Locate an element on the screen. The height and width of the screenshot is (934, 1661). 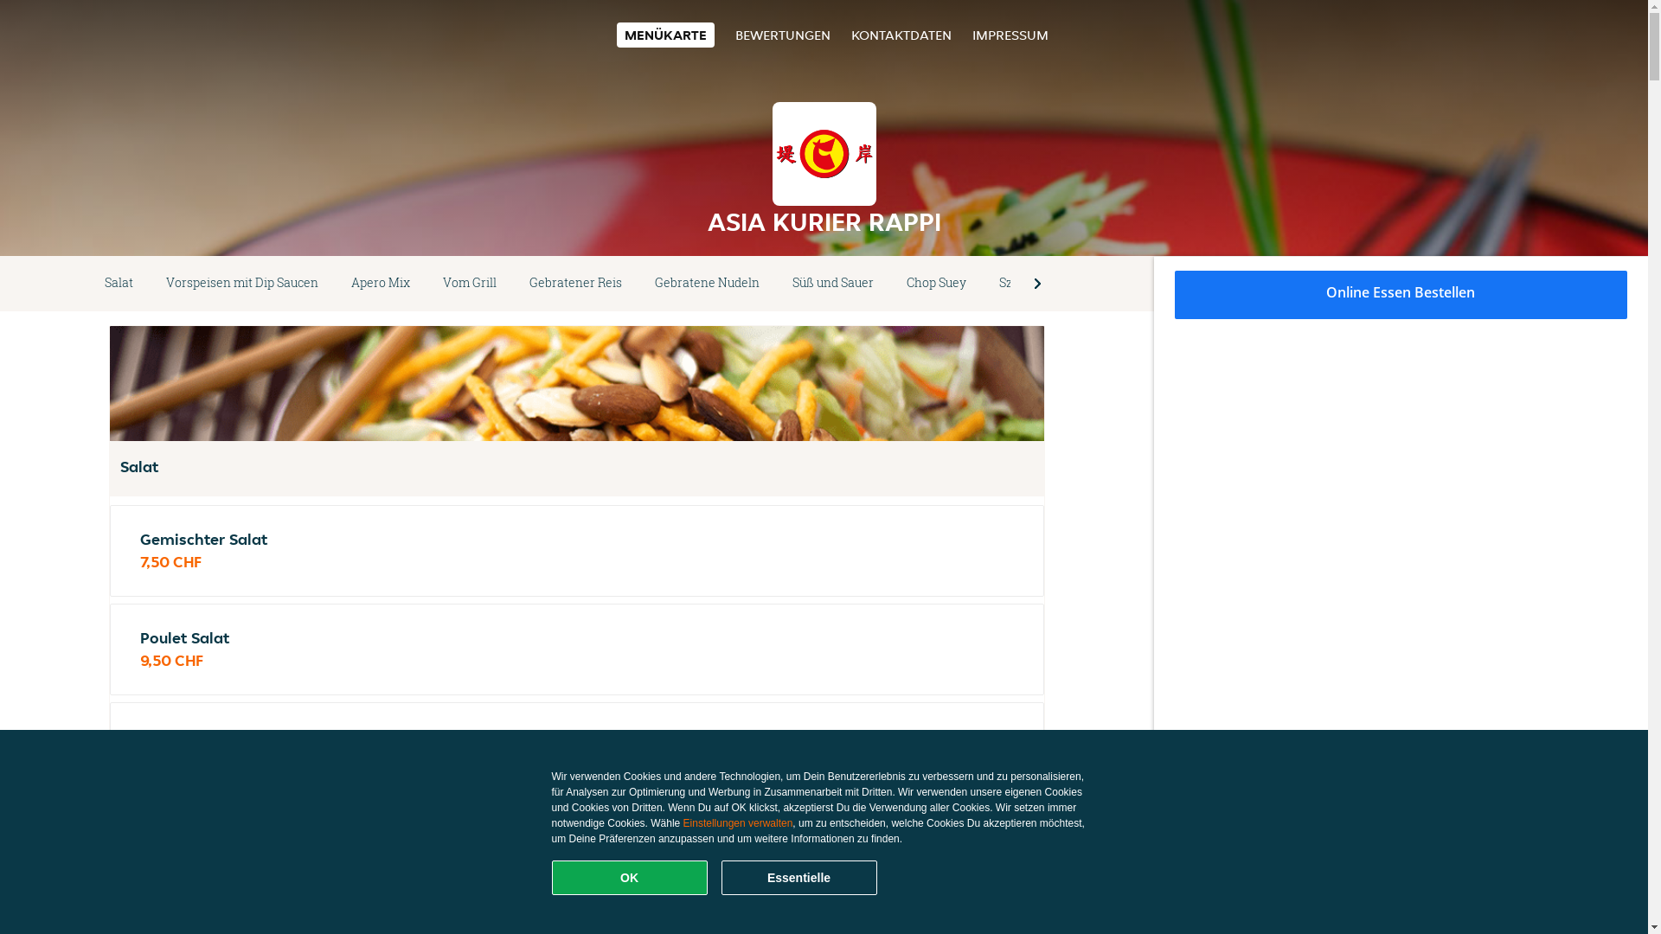
'Vorspeisen mit Dip Saucen' is located at coordinates (149, 282).